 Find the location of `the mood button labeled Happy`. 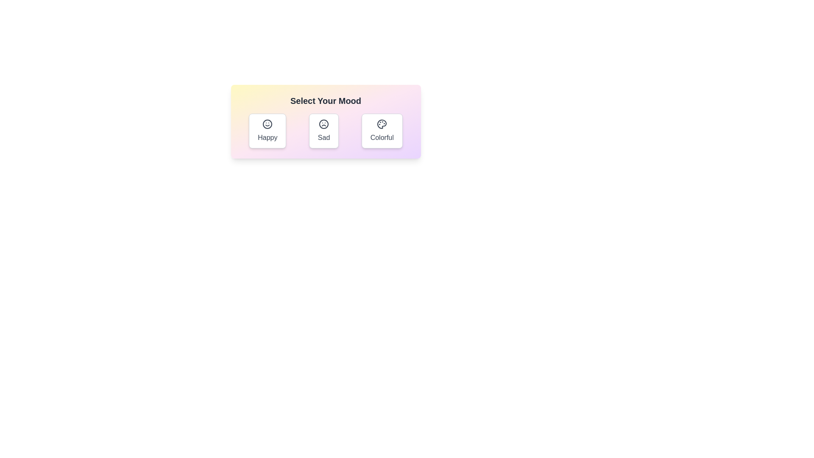

the mood button labeled Happy is located at coordinates (267, 131).